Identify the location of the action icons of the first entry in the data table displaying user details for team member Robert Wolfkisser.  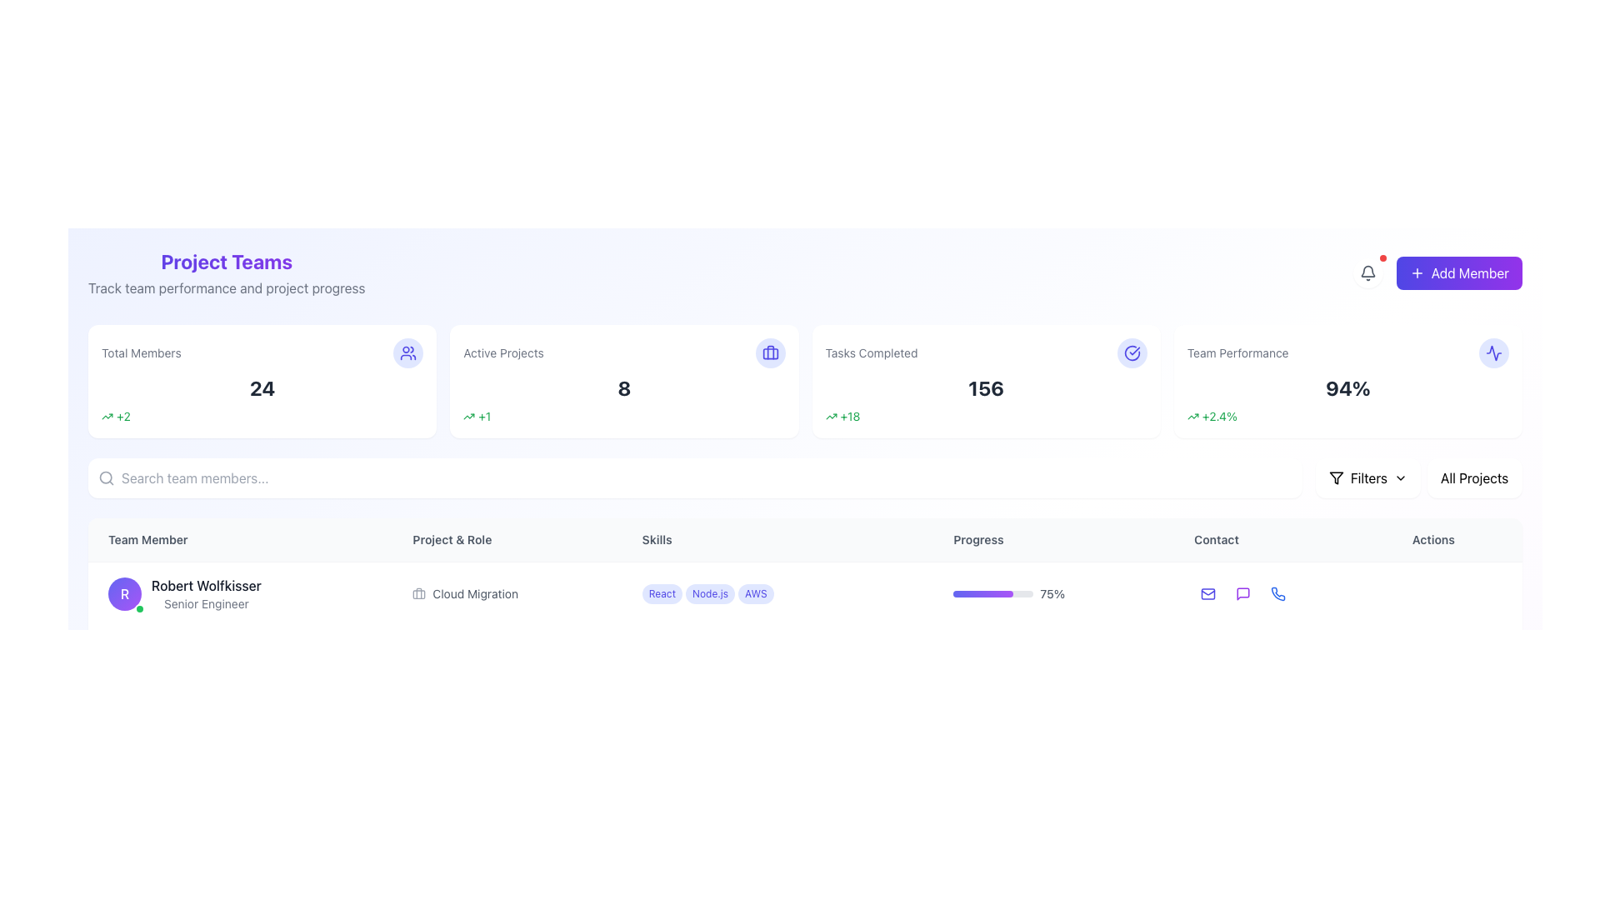
(805, 592).